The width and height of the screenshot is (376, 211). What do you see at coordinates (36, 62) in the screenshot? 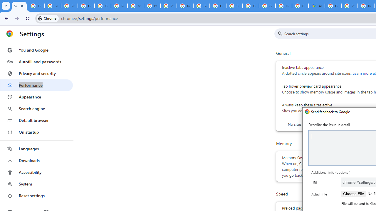
I see `'Autofill and passwords'` at bounding box center [36, 62].